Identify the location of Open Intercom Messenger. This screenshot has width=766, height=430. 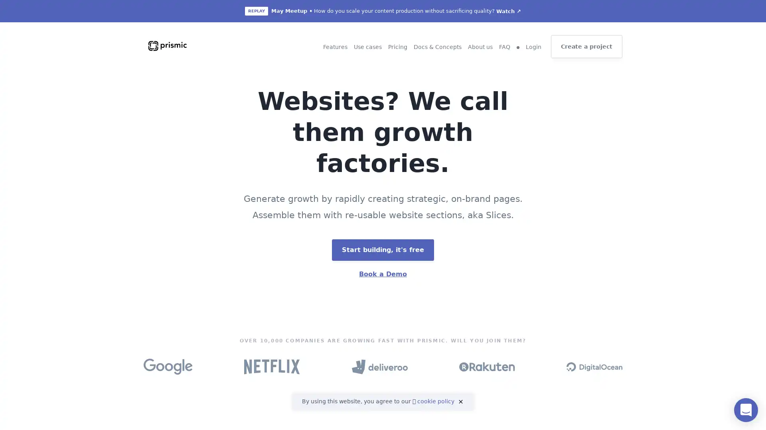
(746, 410).